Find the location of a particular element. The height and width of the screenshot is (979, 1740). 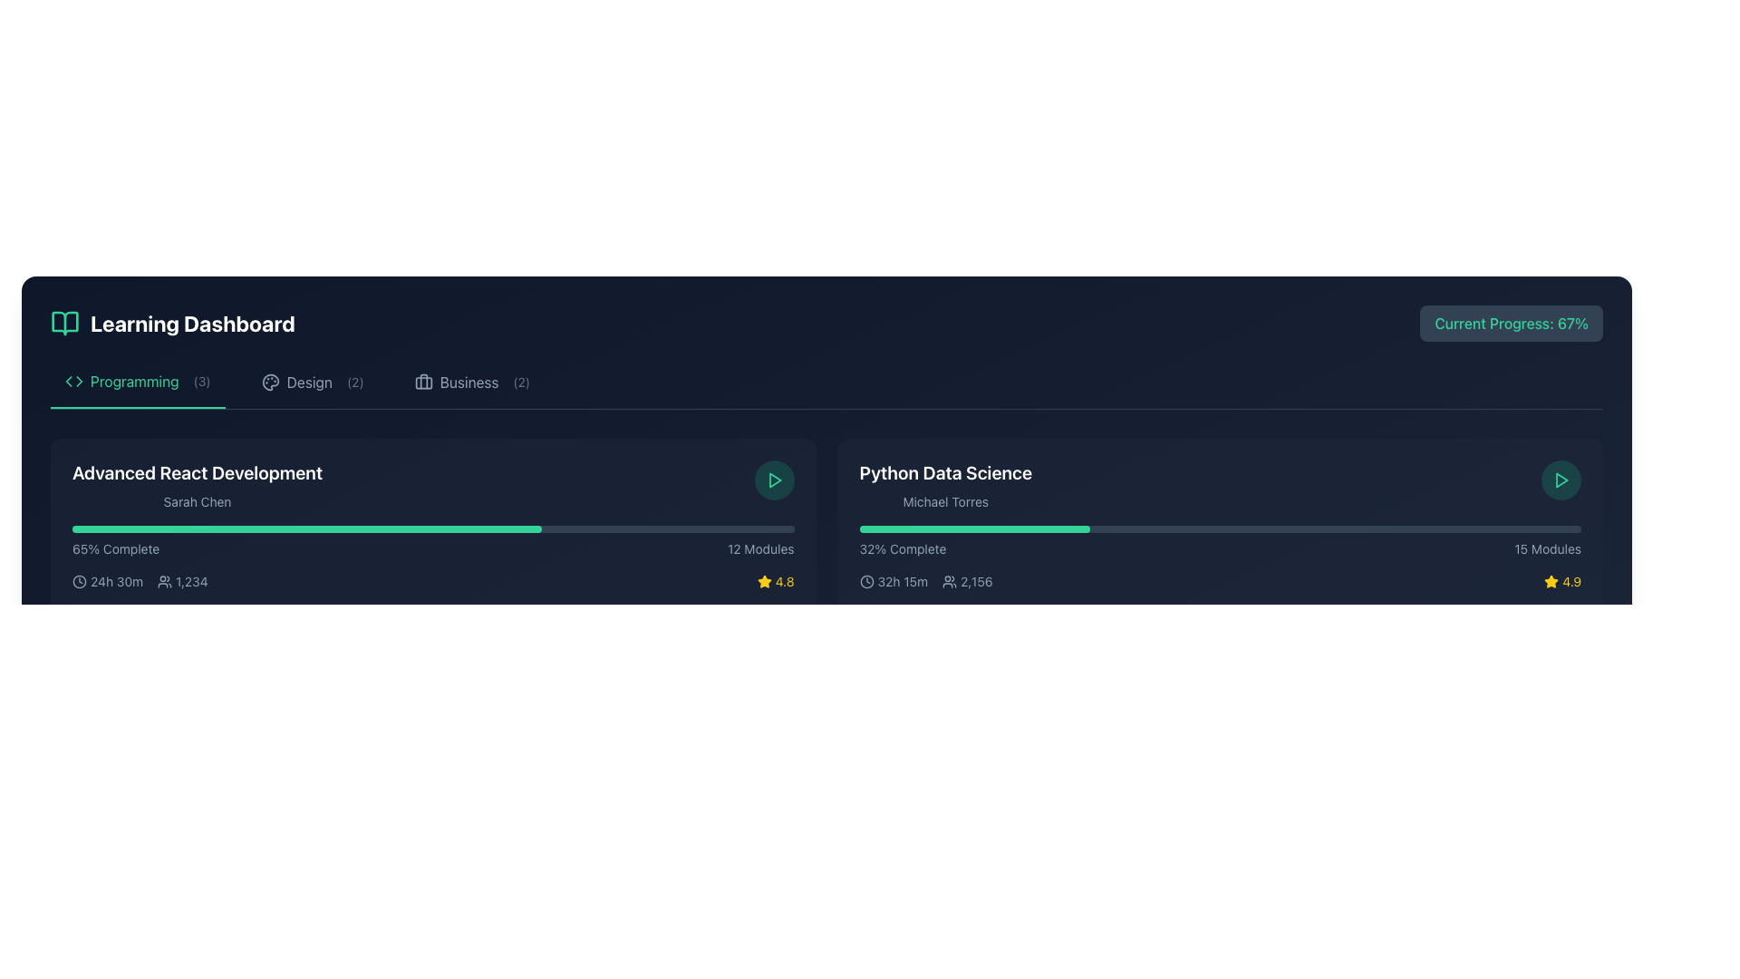

the Static Text Label displaying 'Current Progress: 67%' which is styled with a green font color in the upper-right corner of the interface is located at coordinates (1512, 323).